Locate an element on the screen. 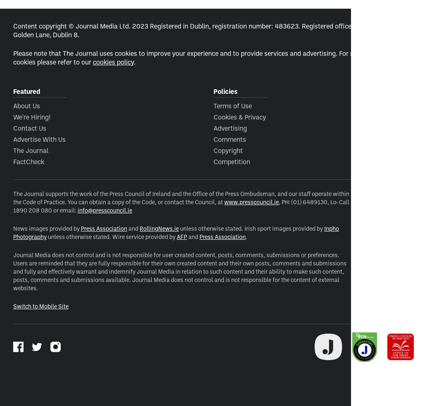  'Competition' is located at coordinates (232, 161).